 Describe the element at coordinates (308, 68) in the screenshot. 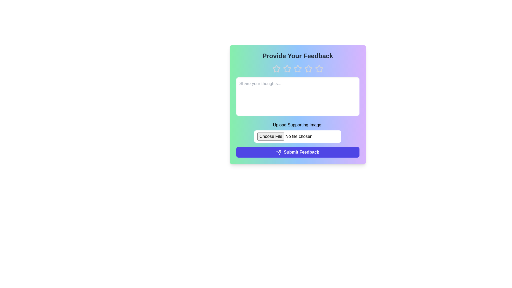

I see `the third star icon in the row of five stars for accessibility interactions` at that location.